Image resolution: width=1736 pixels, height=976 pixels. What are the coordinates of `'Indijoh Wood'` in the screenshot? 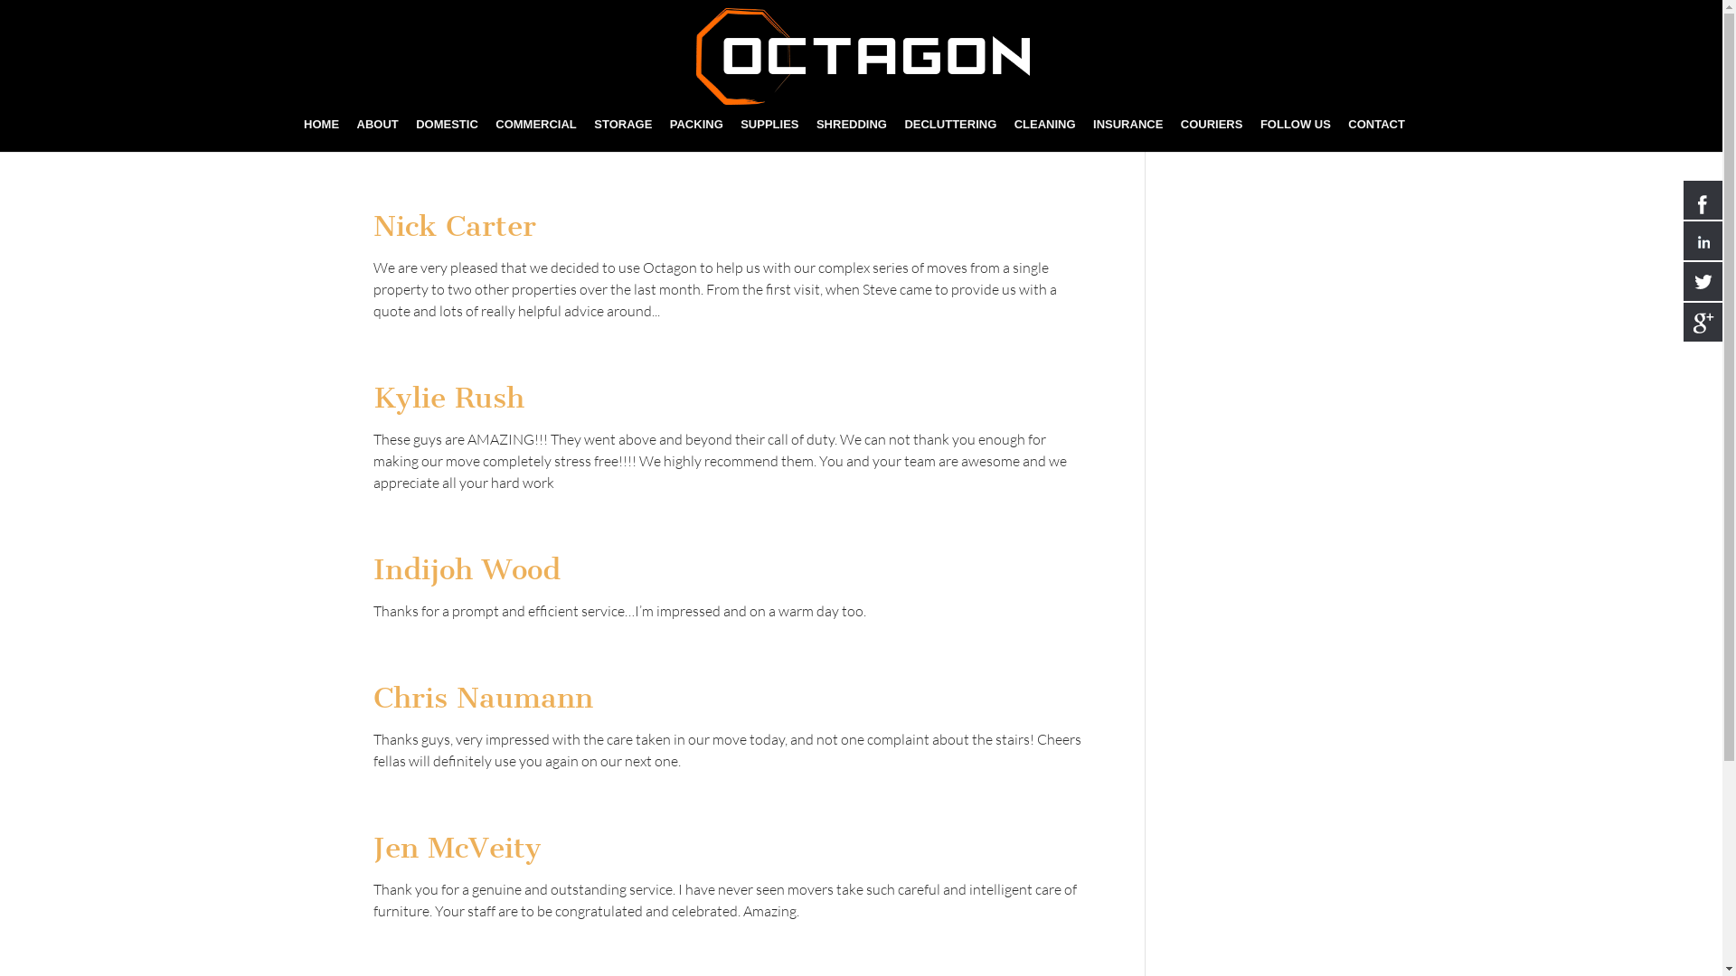 It's located at (372, 568).